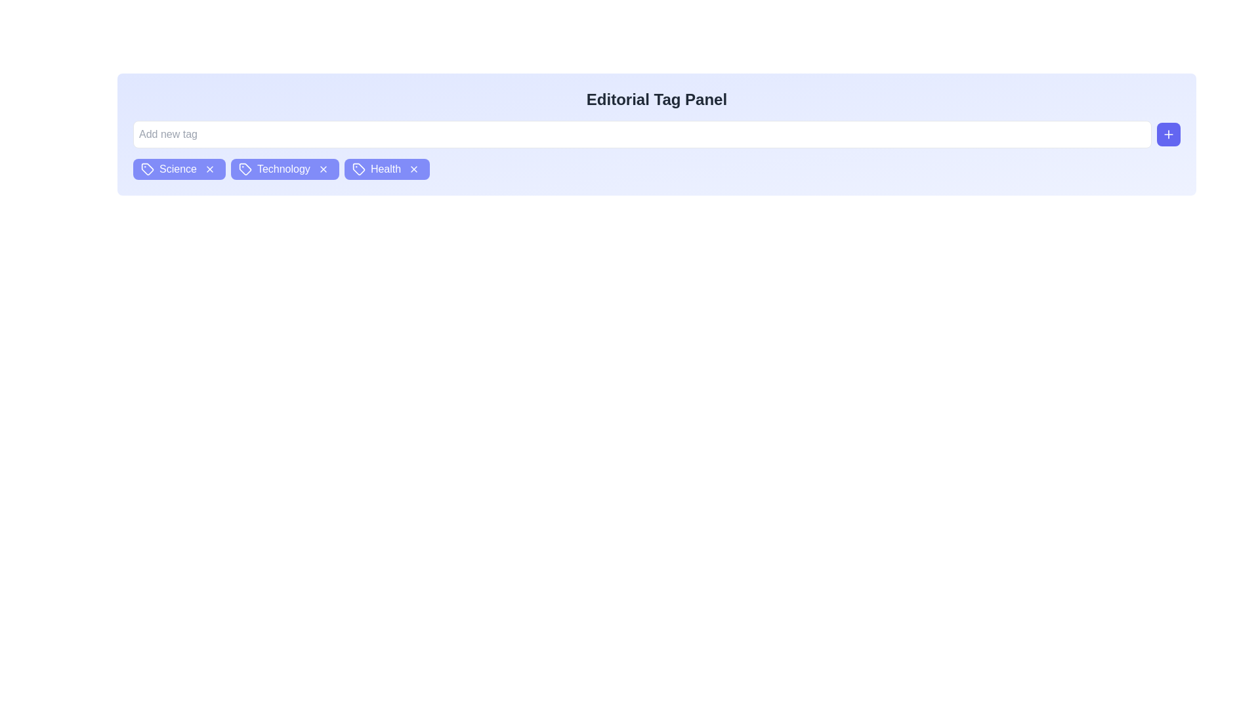  What do you see at coordinates (1168, 134) in the screenshot?
I see `the confirm button located on the right side of the 'Add new tag' input bar in the 'Editorial Tag Panel' section` at bounding box center [1168, 134].